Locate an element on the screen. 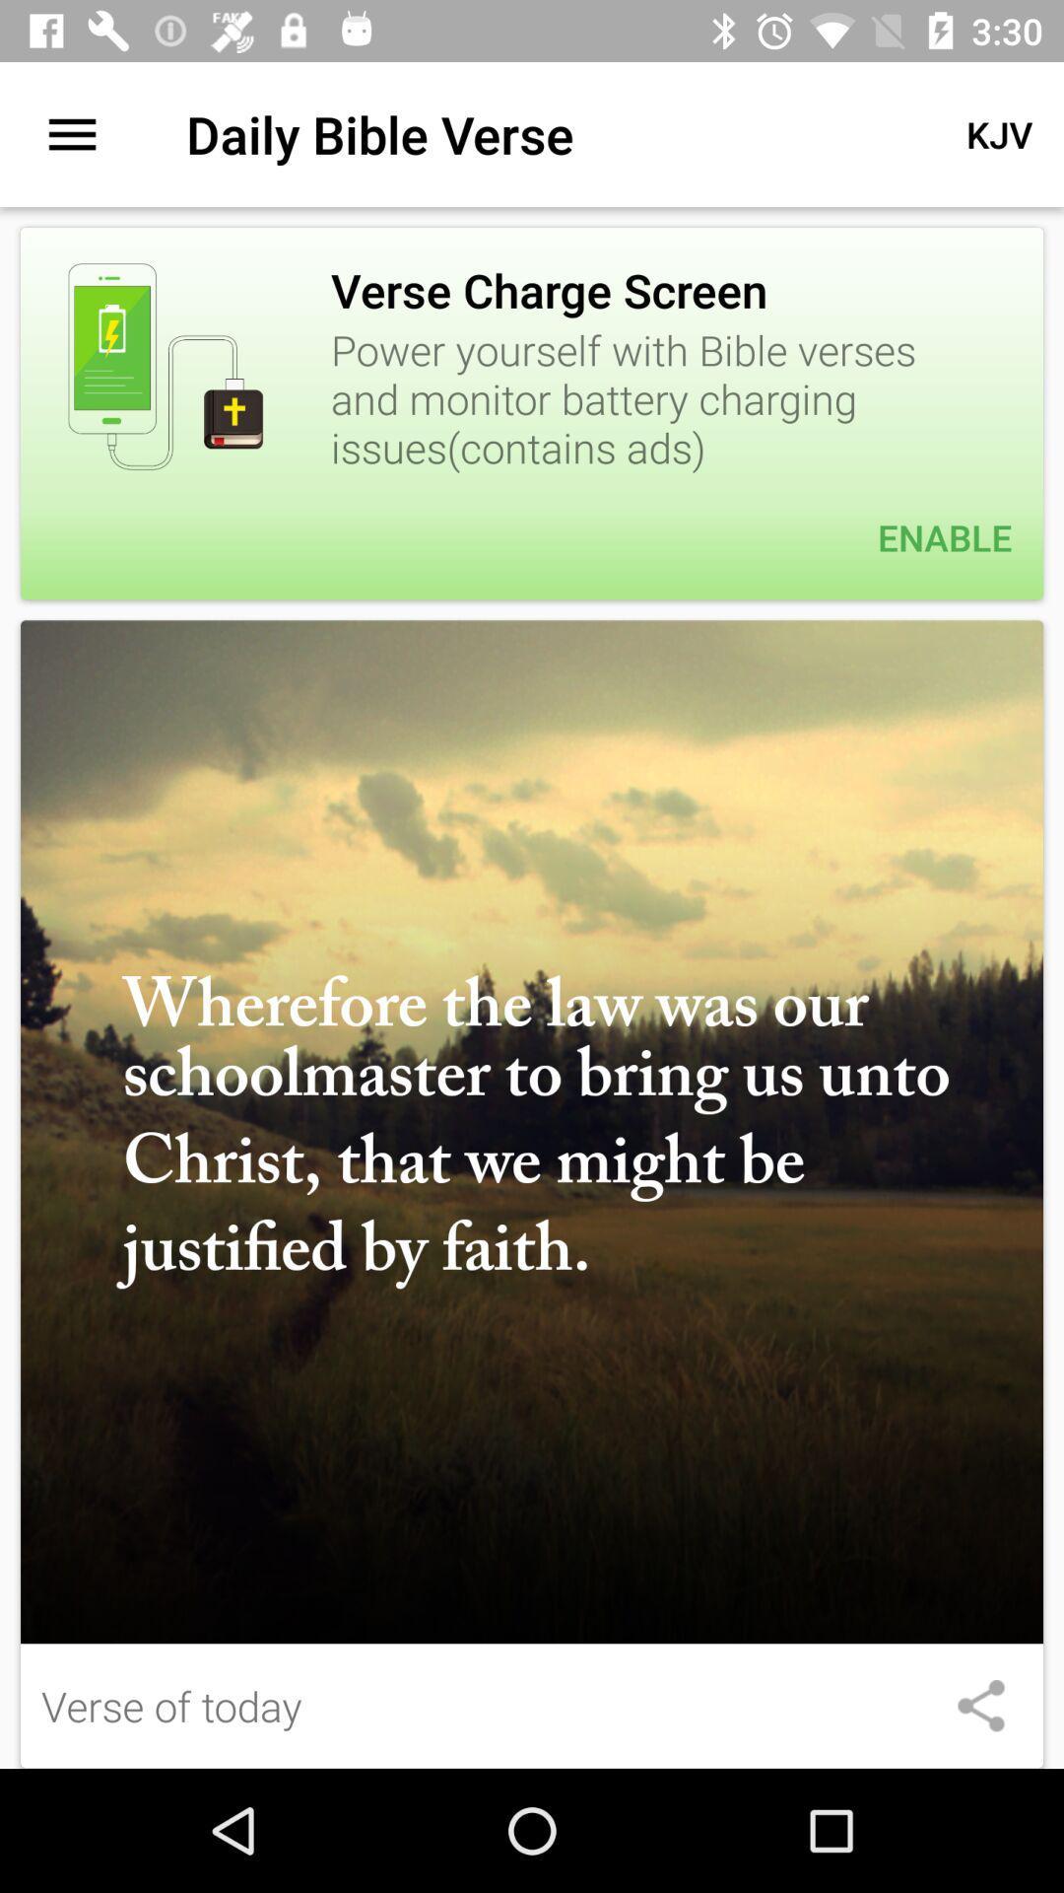 The height and width of the screenshot is (1893, 1064). the kjv item is located at coordinates (999, 133).